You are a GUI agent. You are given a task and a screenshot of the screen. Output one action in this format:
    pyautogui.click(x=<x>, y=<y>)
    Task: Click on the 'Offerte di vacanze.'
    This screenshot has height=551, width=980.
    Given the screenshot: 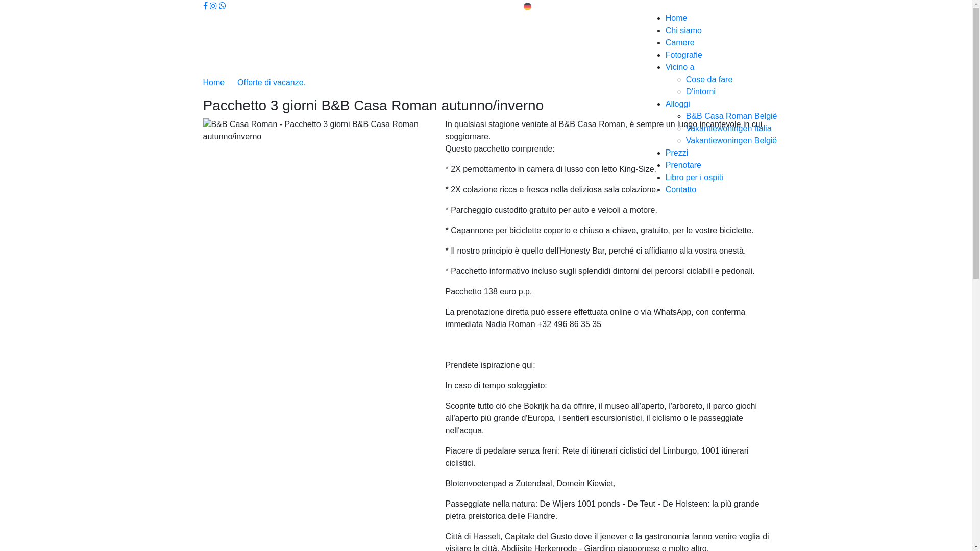 What is the action you would take?
    pyautogui.click(x=272, y=82)
    